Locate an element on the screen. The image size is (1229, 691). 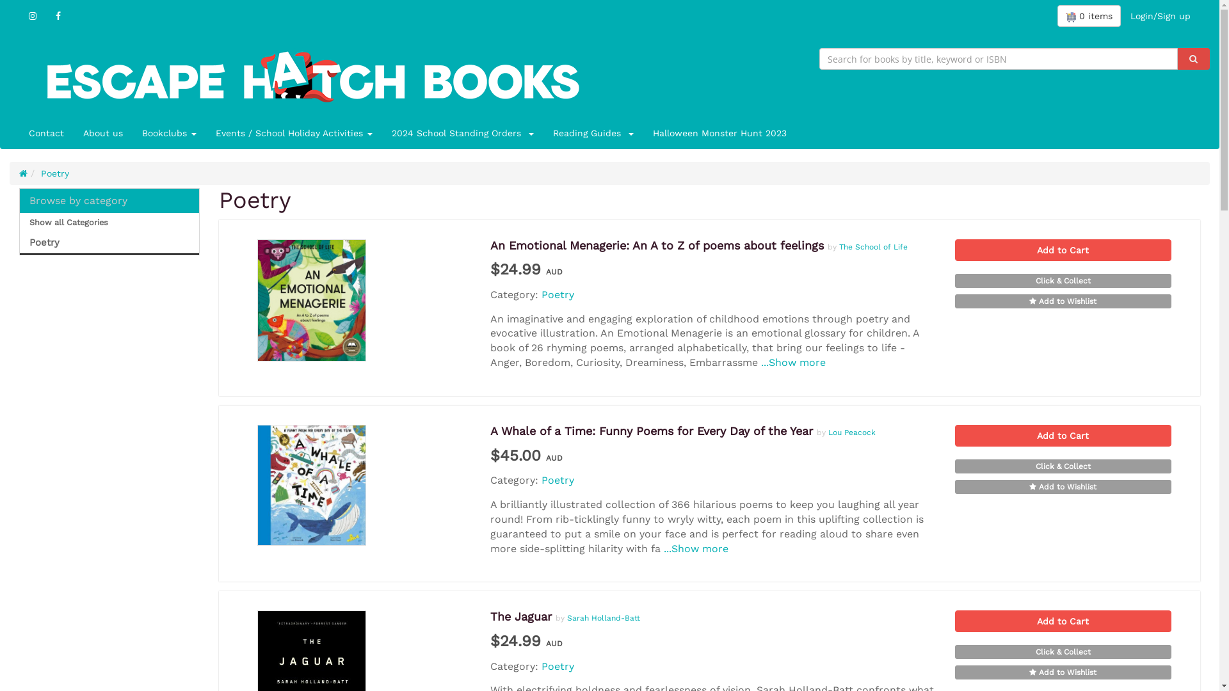
'Poetry' is located at coordinates (54, 173).